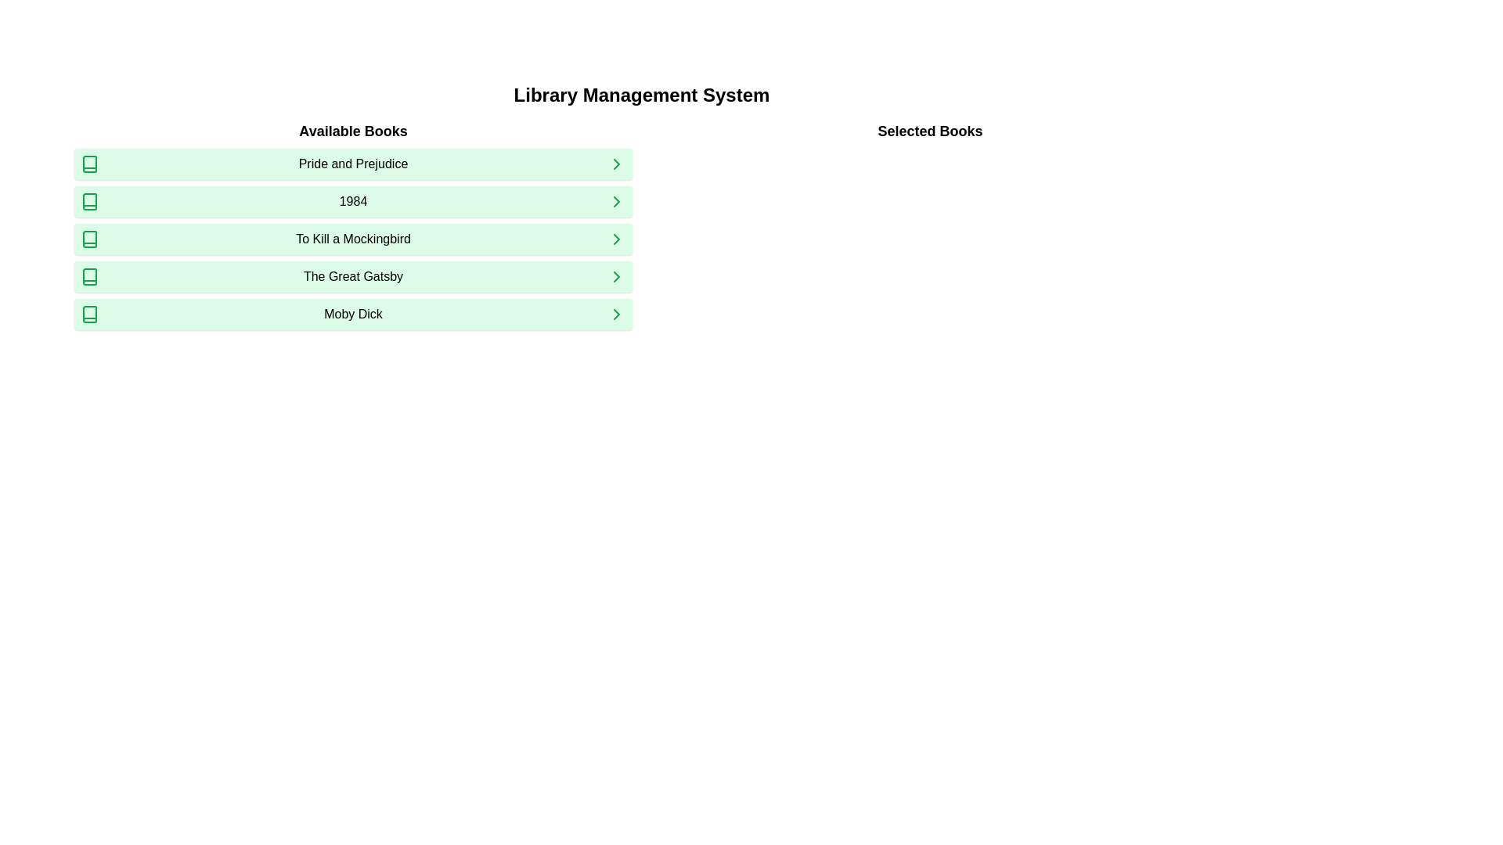  Describe the element at coordinates (615, 201) in the screenshot. I see `the Chevron icon at the right end of the row labeled '1984' in the 'Available Books' section` at that location.